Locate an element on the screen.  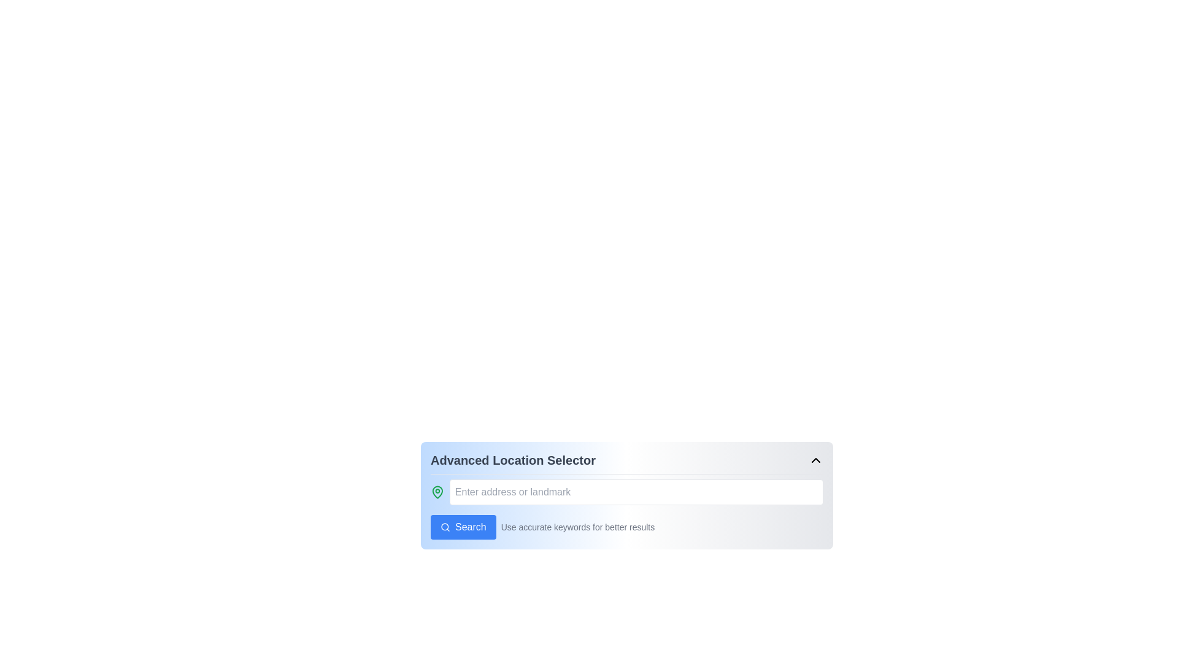
the blue 'Search' button that contains the magnifying glass icon is located at coordinates (444, 527).